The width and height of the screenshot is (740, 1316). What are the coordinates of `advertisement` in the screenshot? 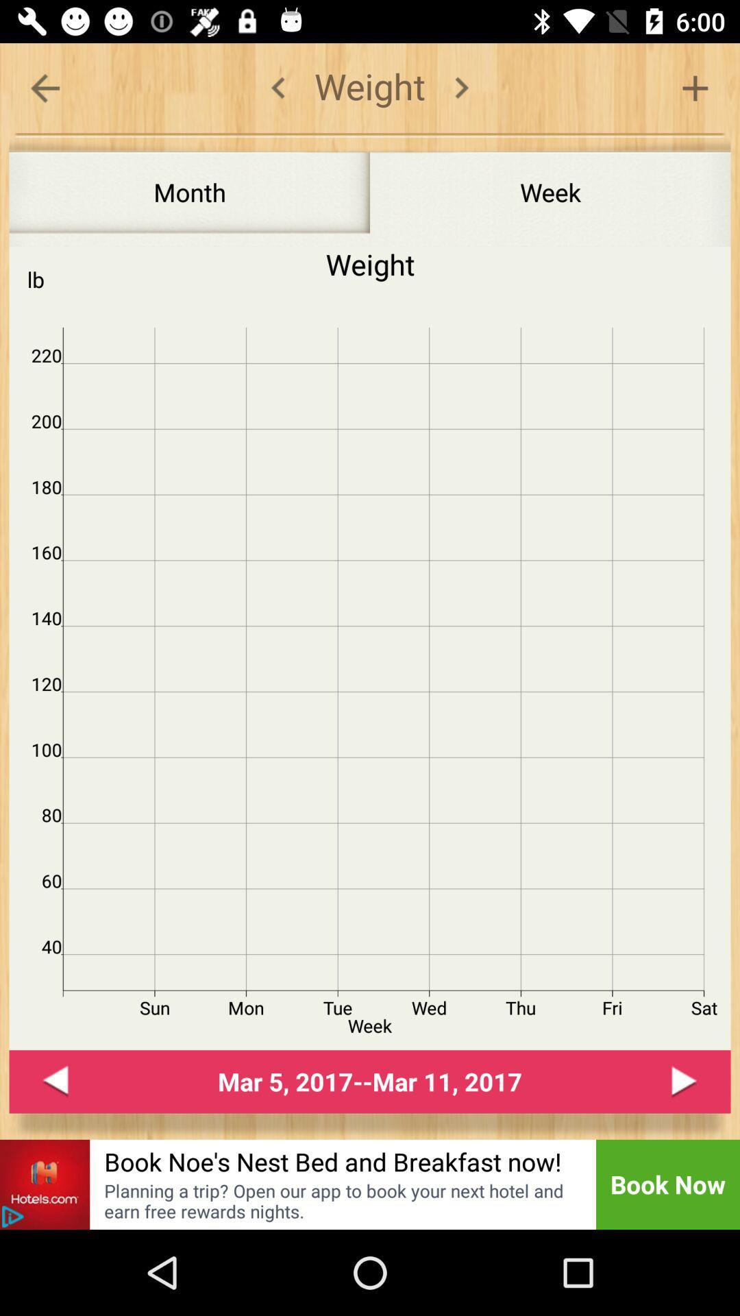 It's located at (44, 1184).